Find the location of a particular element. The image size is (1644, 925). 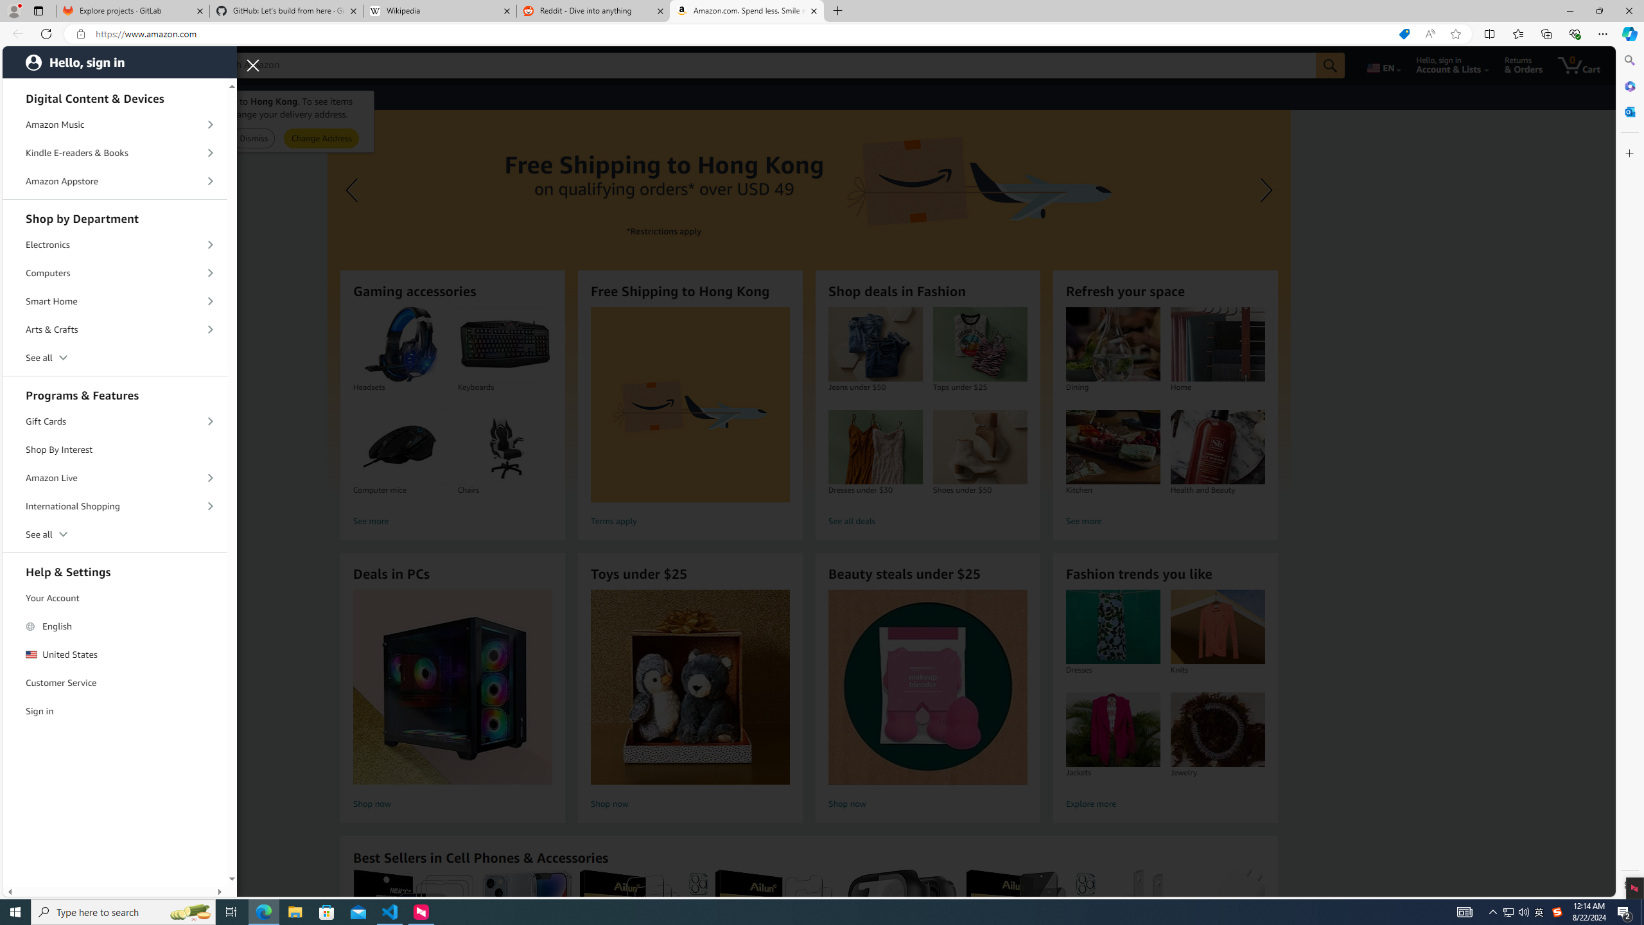

'English' is located at coordinates (115, 625).